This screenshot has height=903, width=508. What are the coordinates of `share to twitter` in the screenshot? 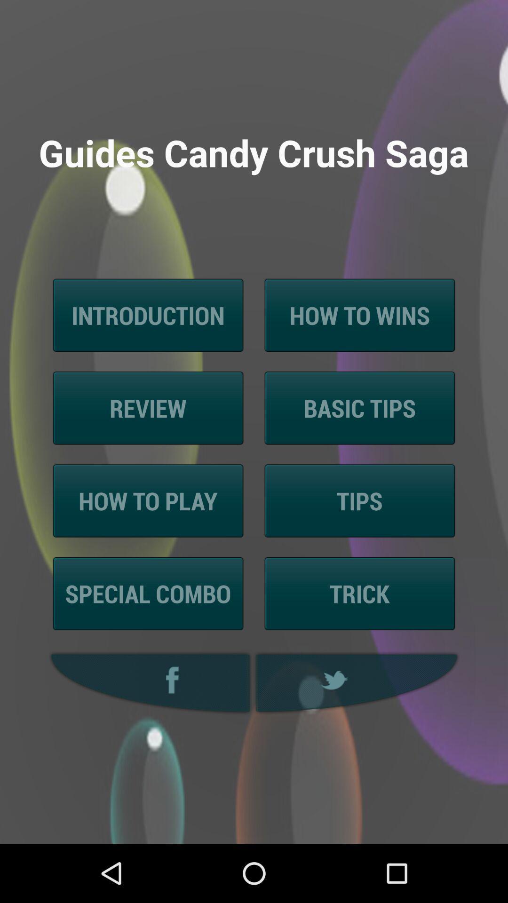 It's located at (358, 683).